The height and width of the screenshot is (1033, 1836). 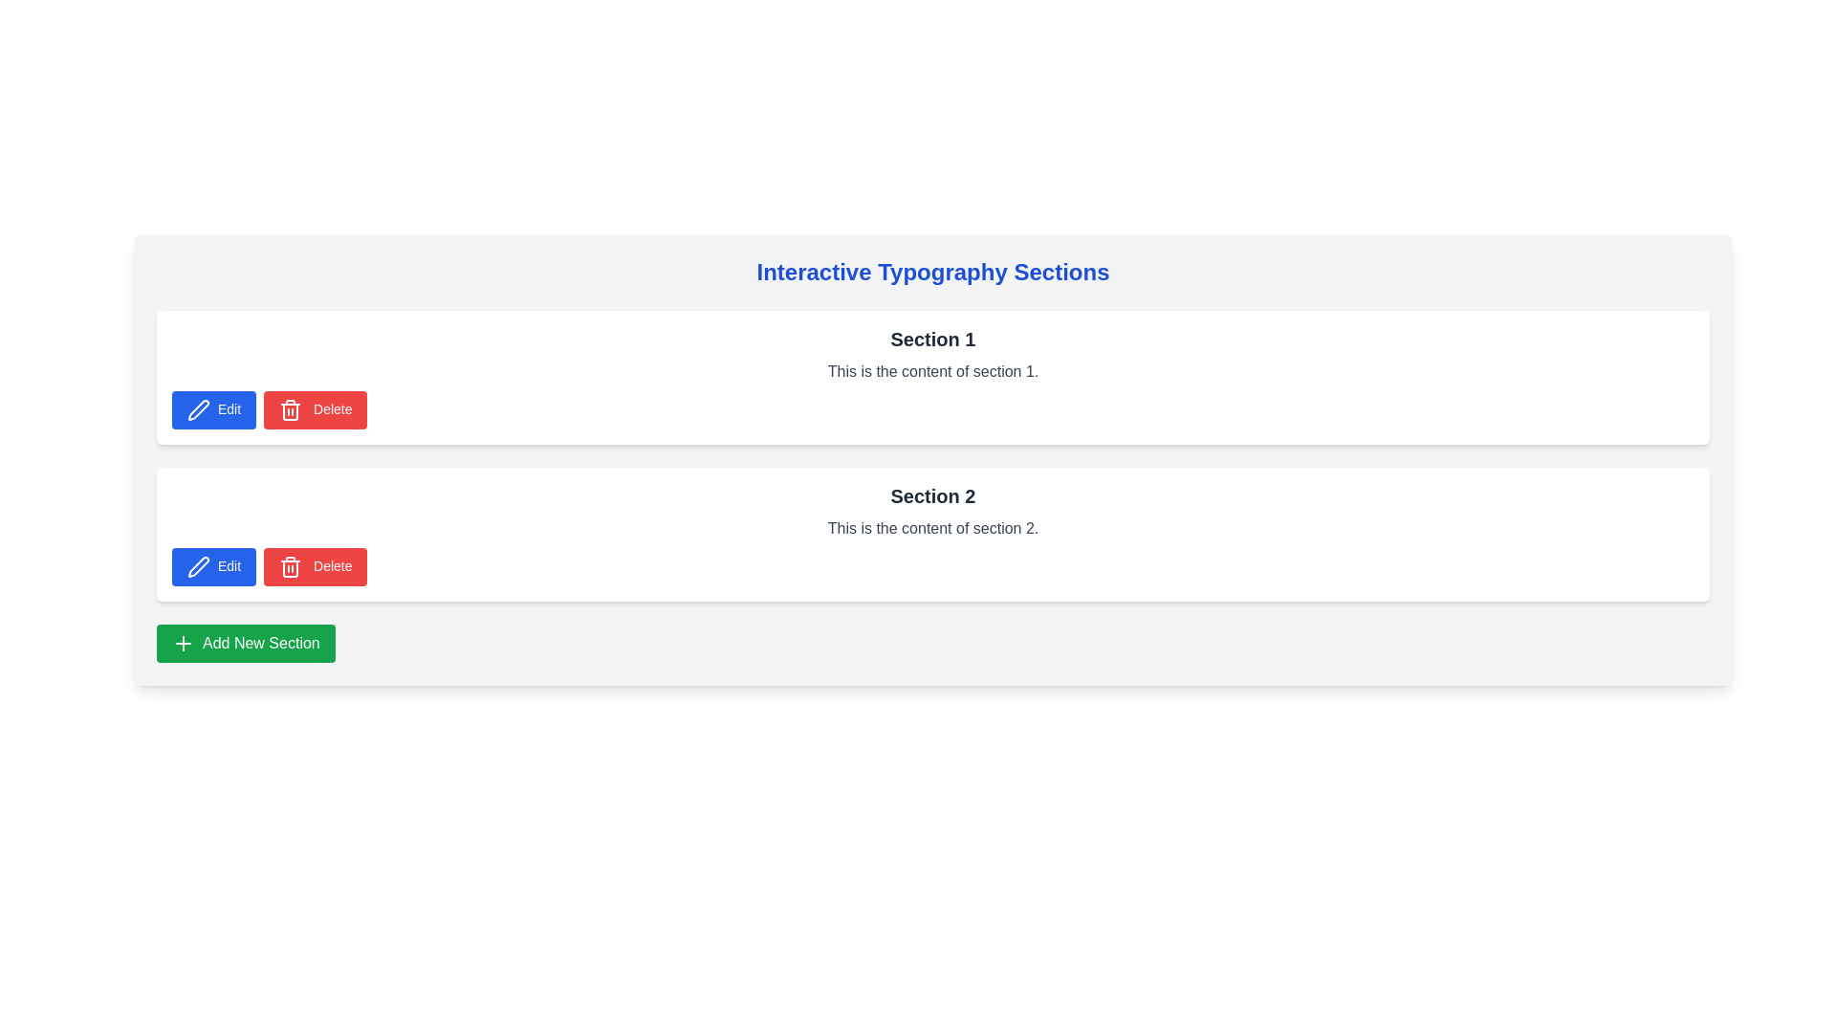 I want to click on the green button labeled 'Add New Section' located at the bottom of the central content panel, so click(x=245, y=643).